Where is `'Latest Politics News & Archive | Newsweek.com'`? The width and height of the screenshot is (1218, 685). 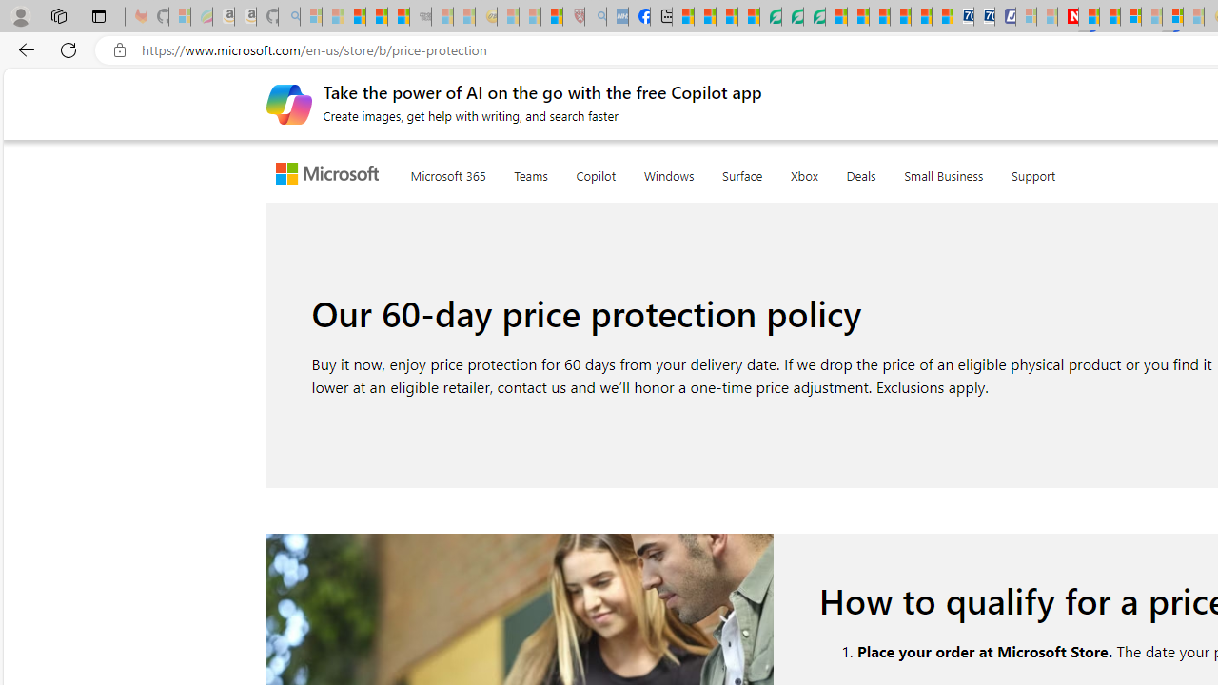 'Latest Politics News & Archive | Newsweek.com' is located at coordinates (1068, 16).